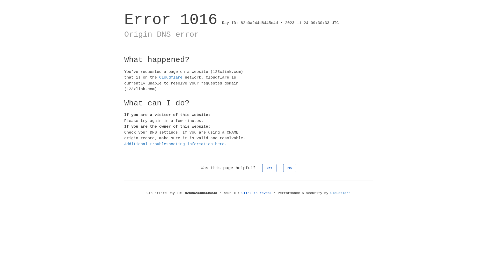 This screenshot has width=497, height=279. What do you see at coordinates (241, 193) in the screenshot?
I see `'Click to reveal'` at bounding box center [241, 193].